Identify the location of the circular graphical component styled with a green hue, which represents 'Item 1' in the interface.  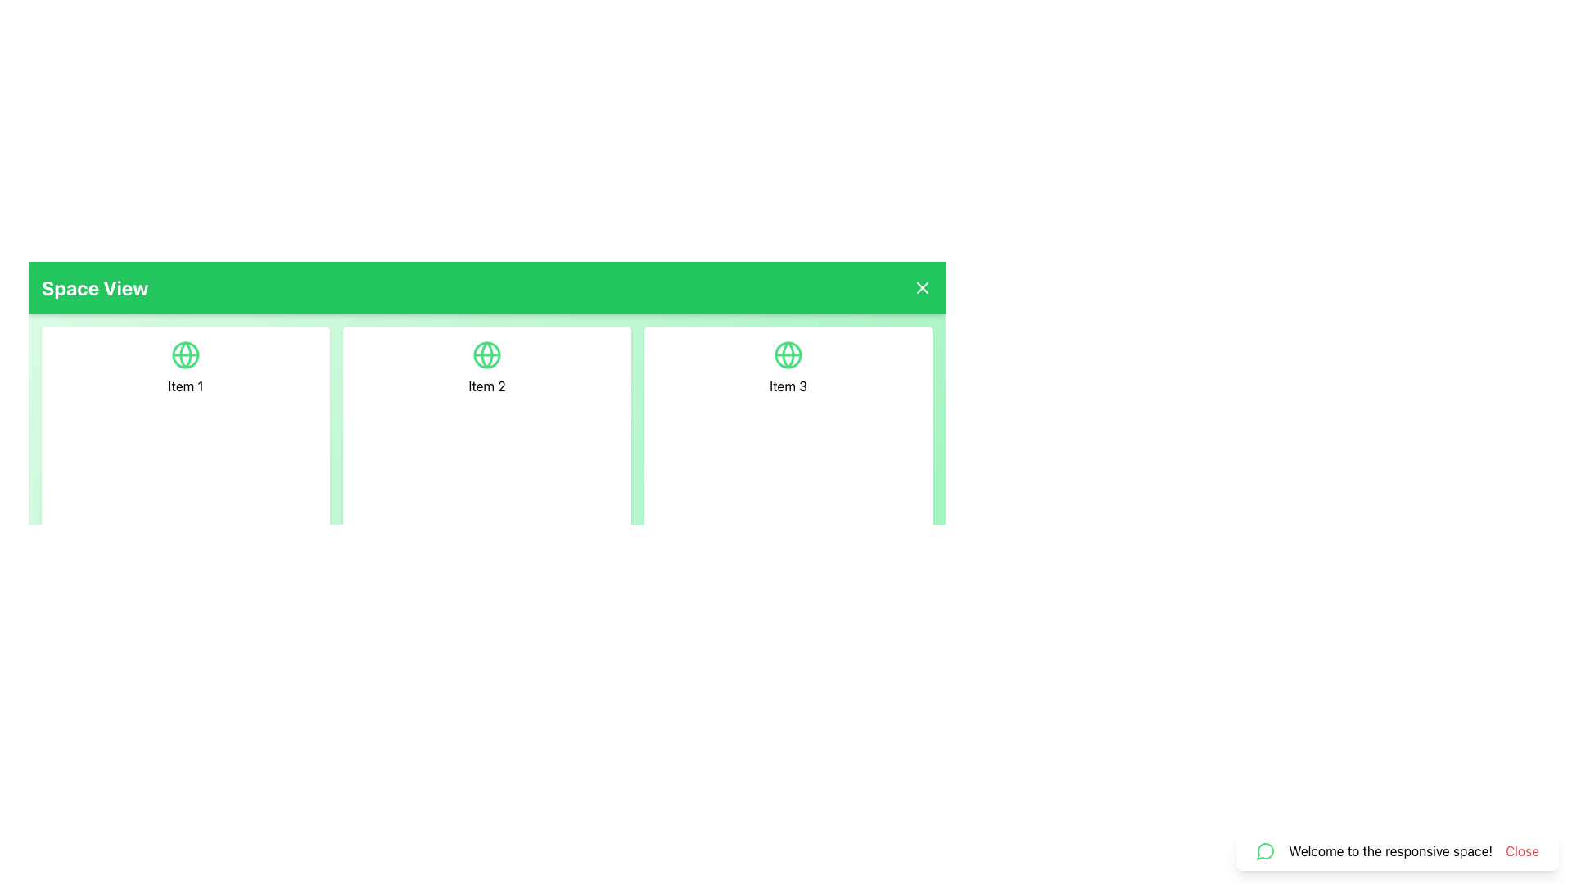
(185, 354).